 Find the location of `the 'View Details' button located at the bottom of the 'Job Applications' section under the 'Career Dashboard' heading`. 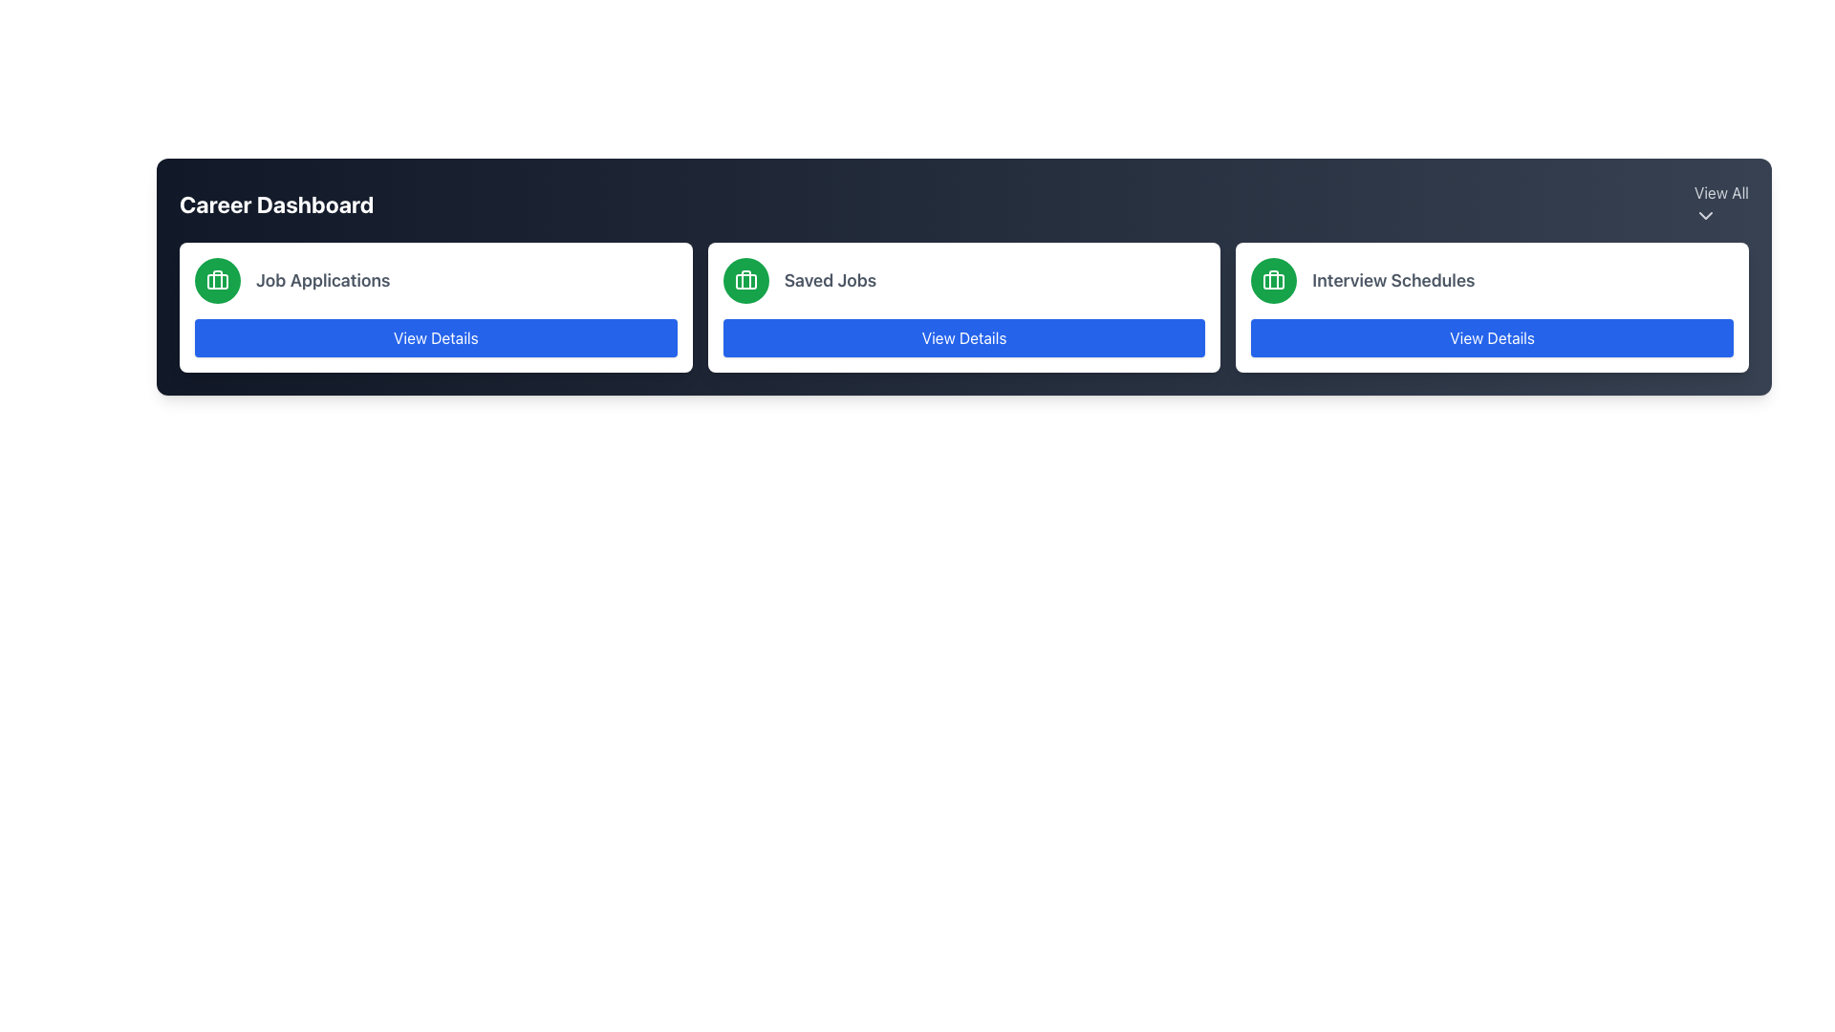

the 'View Details' button located at the bottom of the 'Job Applications' section under the 'Career Dashboard' heading is located at coordinates (435, 337).